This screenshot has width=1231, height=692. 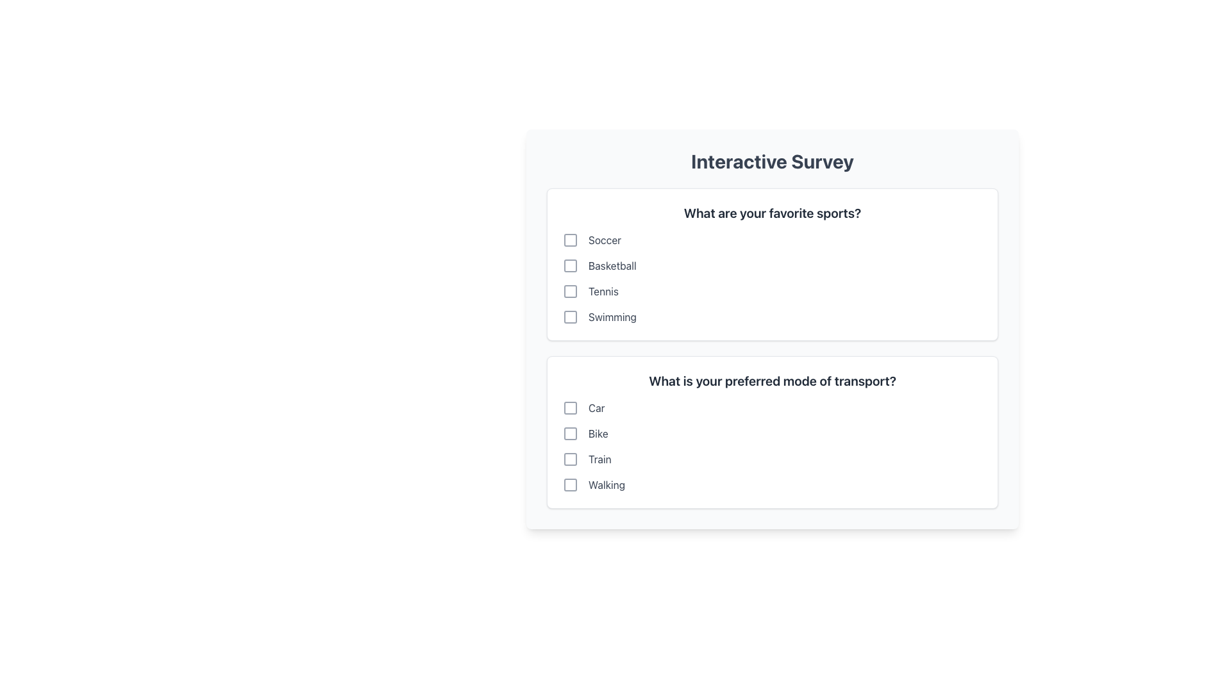 I want to click on the checkbox labeled 'Bike', so click(x=771, y=433).